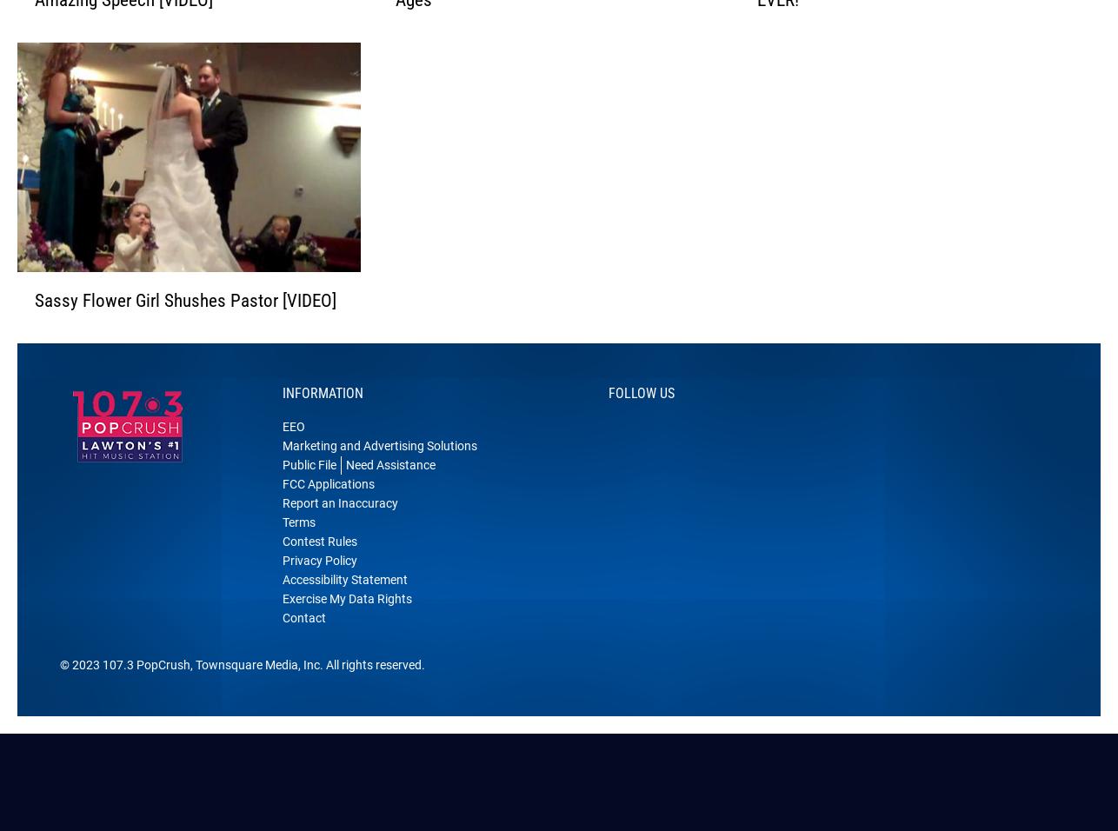 This screenshot has width=1118, height=831. What do you see at coordinates (343, 602) in the screenshot?
I see `'Accessibility Statement'` at bounding box center [343, 602].